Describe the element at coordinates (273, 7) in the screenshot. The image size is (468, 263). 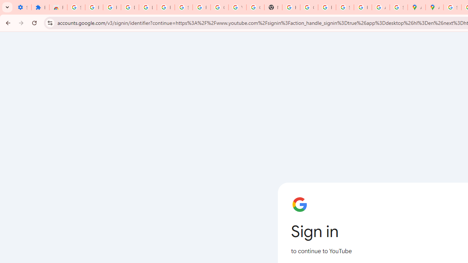
I see `'New Tab'` at that location.